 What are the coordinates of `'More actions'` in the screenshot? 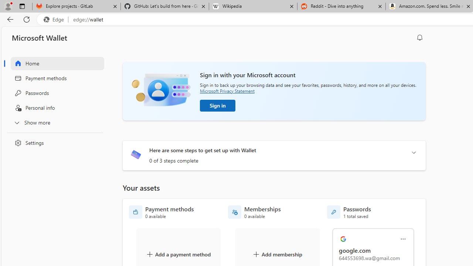 It's located at (403, 239).